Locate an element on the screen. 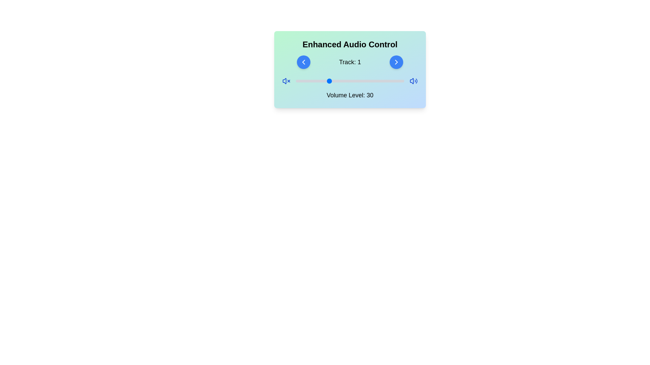 The width and height of the screenshot is (650, 365). the navigation button to change the track to next is located at coordinates (396, 62).